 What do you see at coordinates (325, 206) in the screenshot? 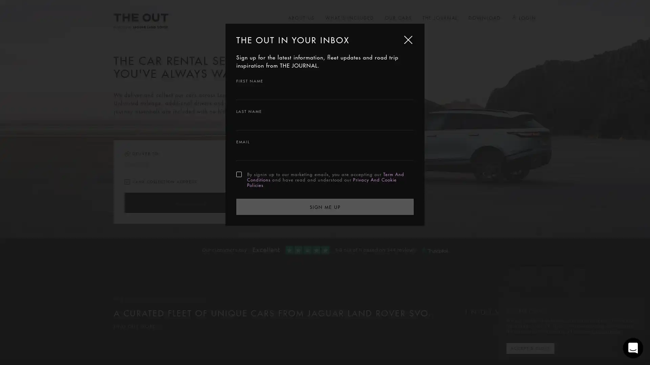
I see `SIGN ME UP` at bounding box center [325, 206].